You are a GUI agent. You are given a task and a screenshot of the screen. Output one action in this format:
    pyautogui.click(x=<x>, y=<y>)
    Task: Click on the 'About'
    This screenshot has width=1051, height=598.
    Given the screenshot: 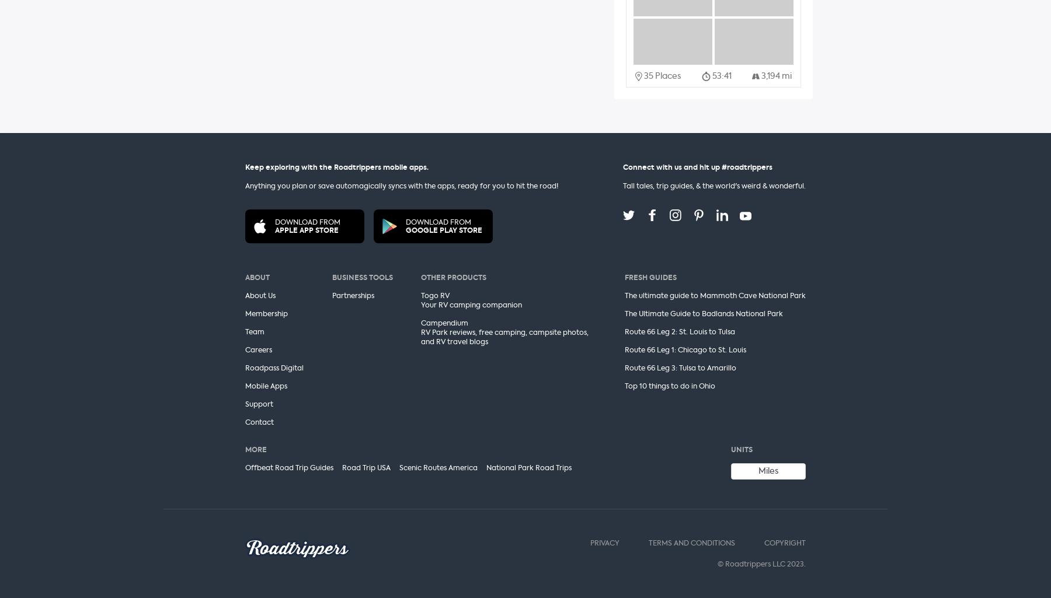 What is the action you would take?
    pyautogui.click(x=245, y=277)
    